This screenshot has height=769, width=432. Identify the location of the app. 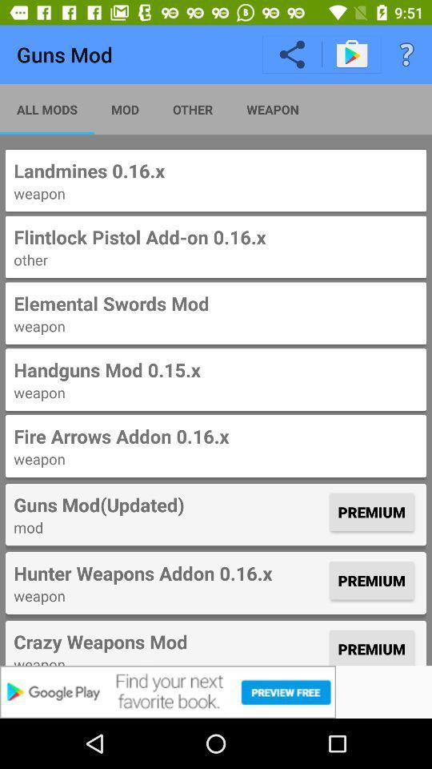
(216, 691).